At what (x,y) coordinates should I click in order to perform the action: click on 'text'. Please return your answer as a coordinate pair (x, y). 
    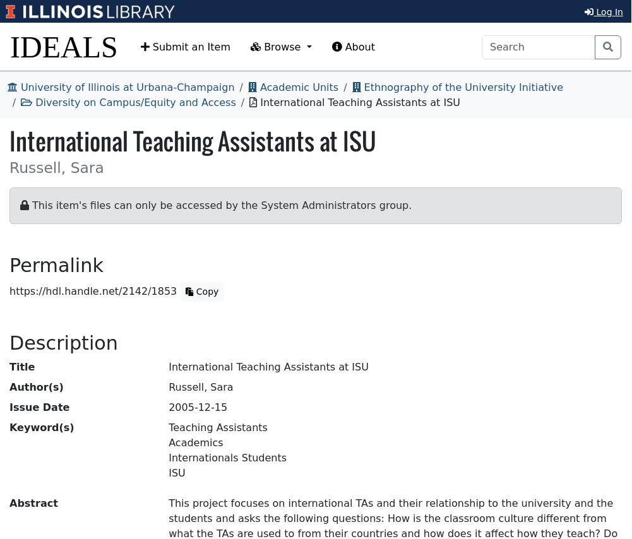
    Looking at the image, I should click on (177, 208).